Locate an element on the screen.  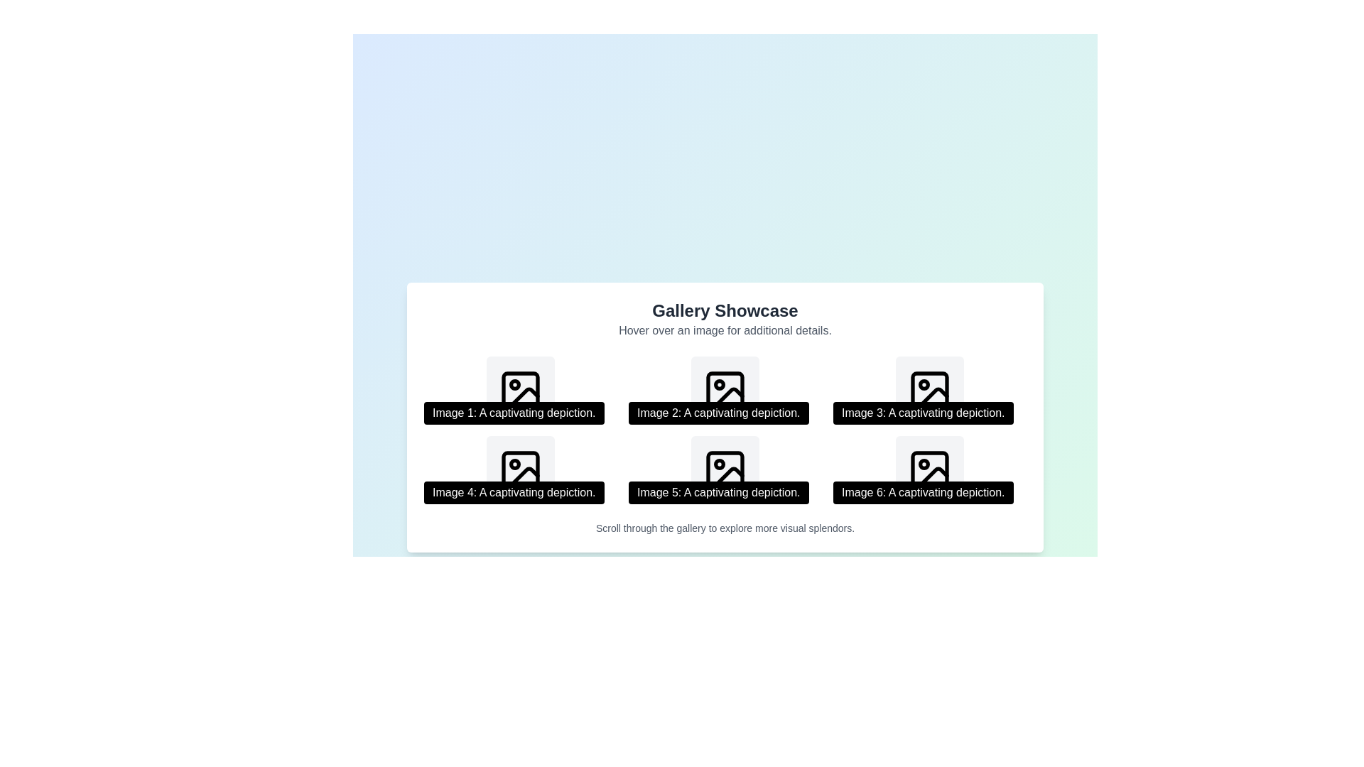
the SVG Icon located in the fifth item of the gallery grid is located at coordinates (725, 470).